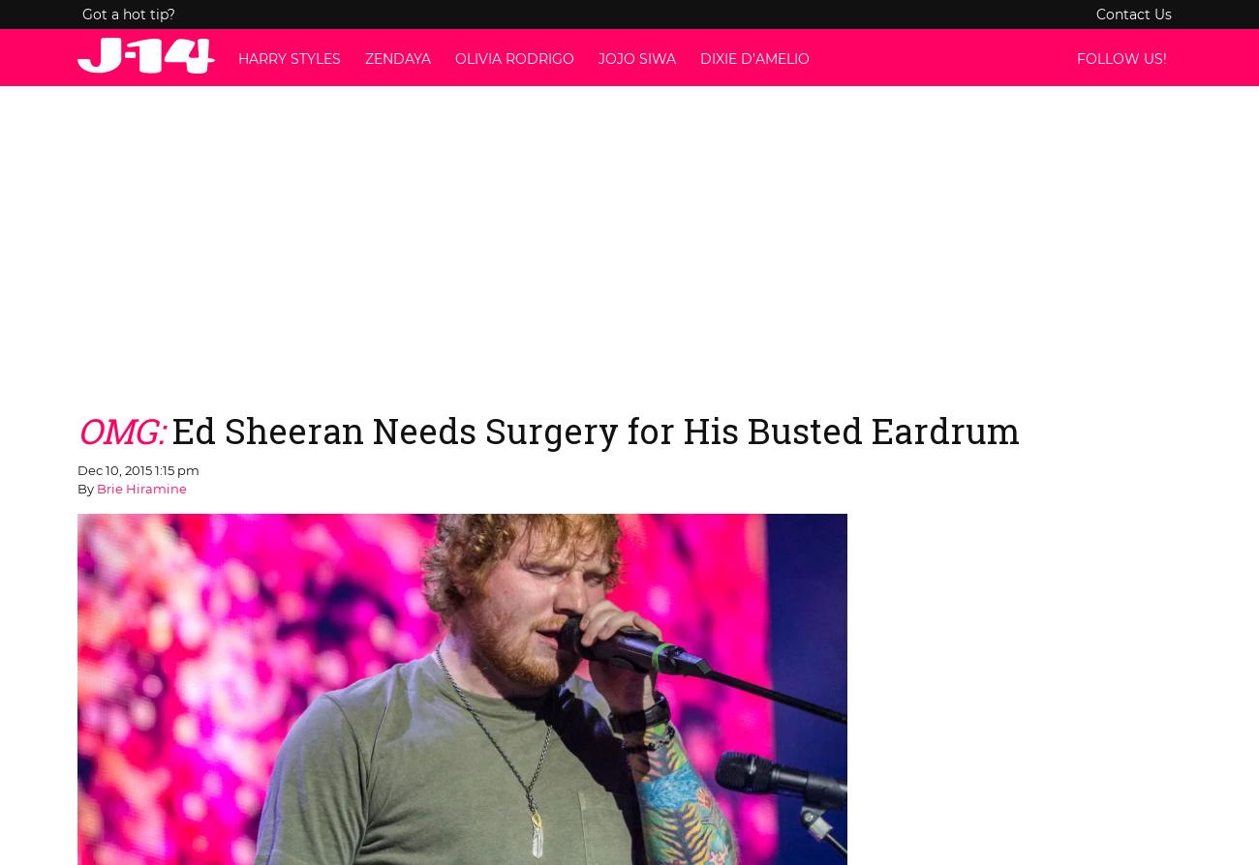  I want to click on 'Dec 10, 2015 1:15 pm', so click(138, 468).